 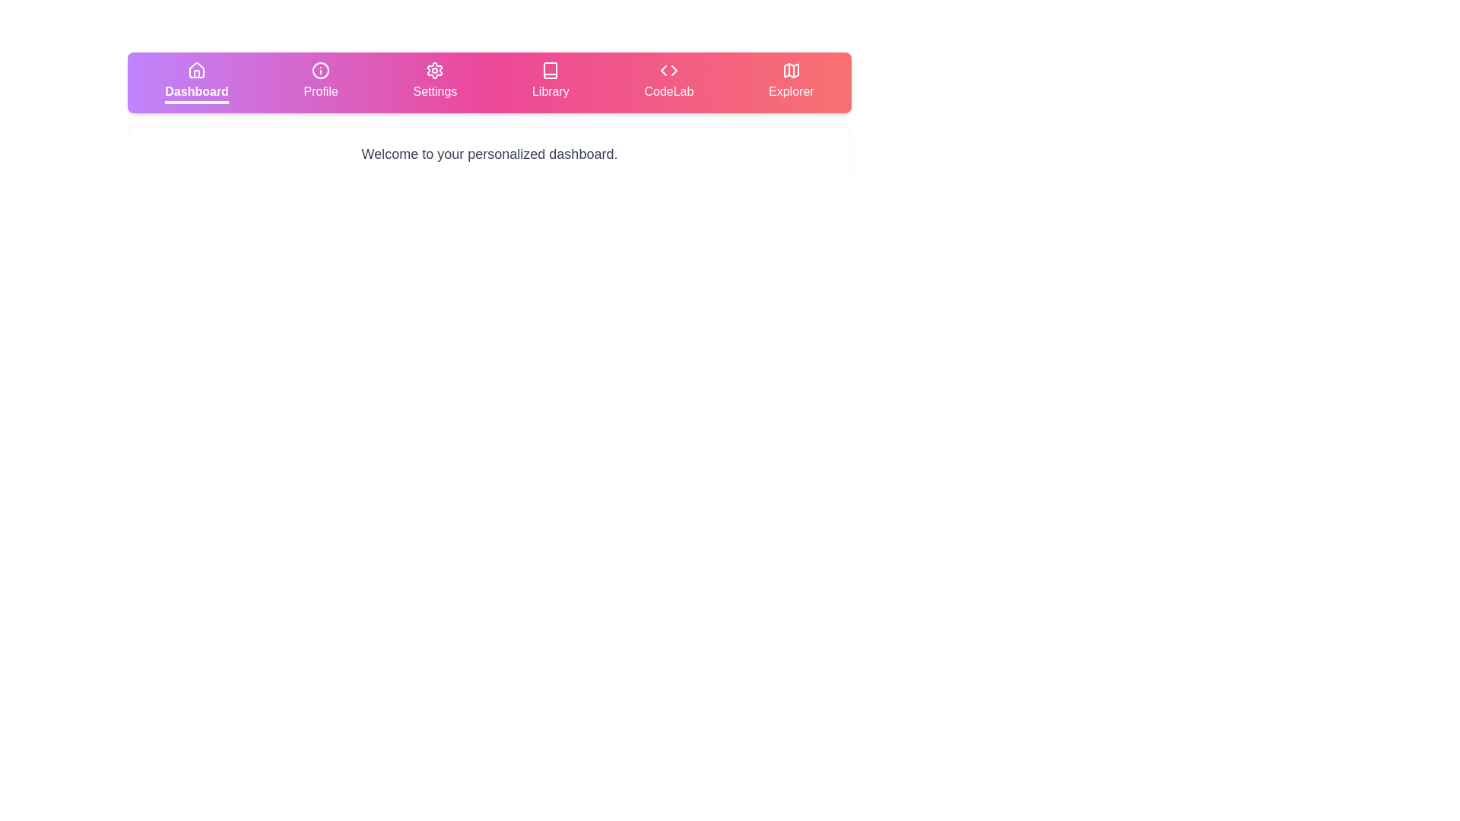 I want to click on the tab labeled Settings to display its content, so click(x=433, y=82).